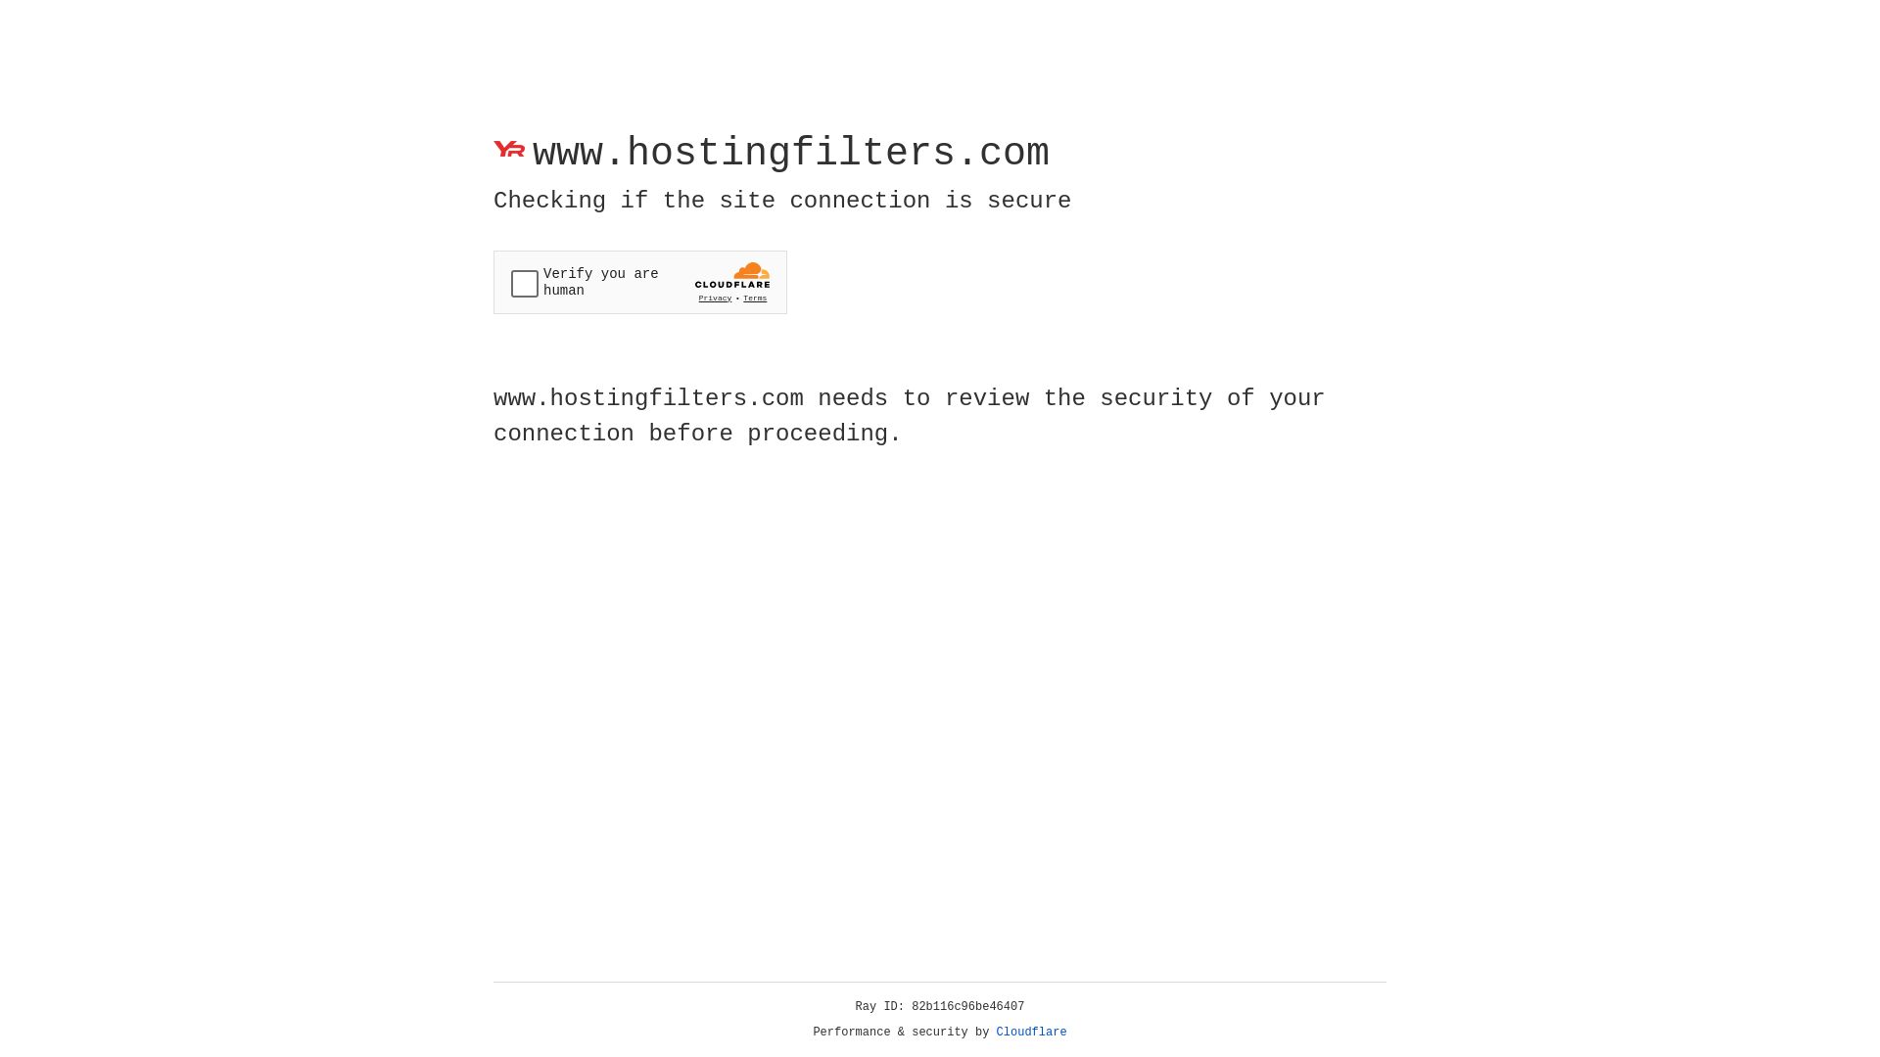  I want to click on 'Widget containing a Cloudflare security challenge', so click(639, 282).